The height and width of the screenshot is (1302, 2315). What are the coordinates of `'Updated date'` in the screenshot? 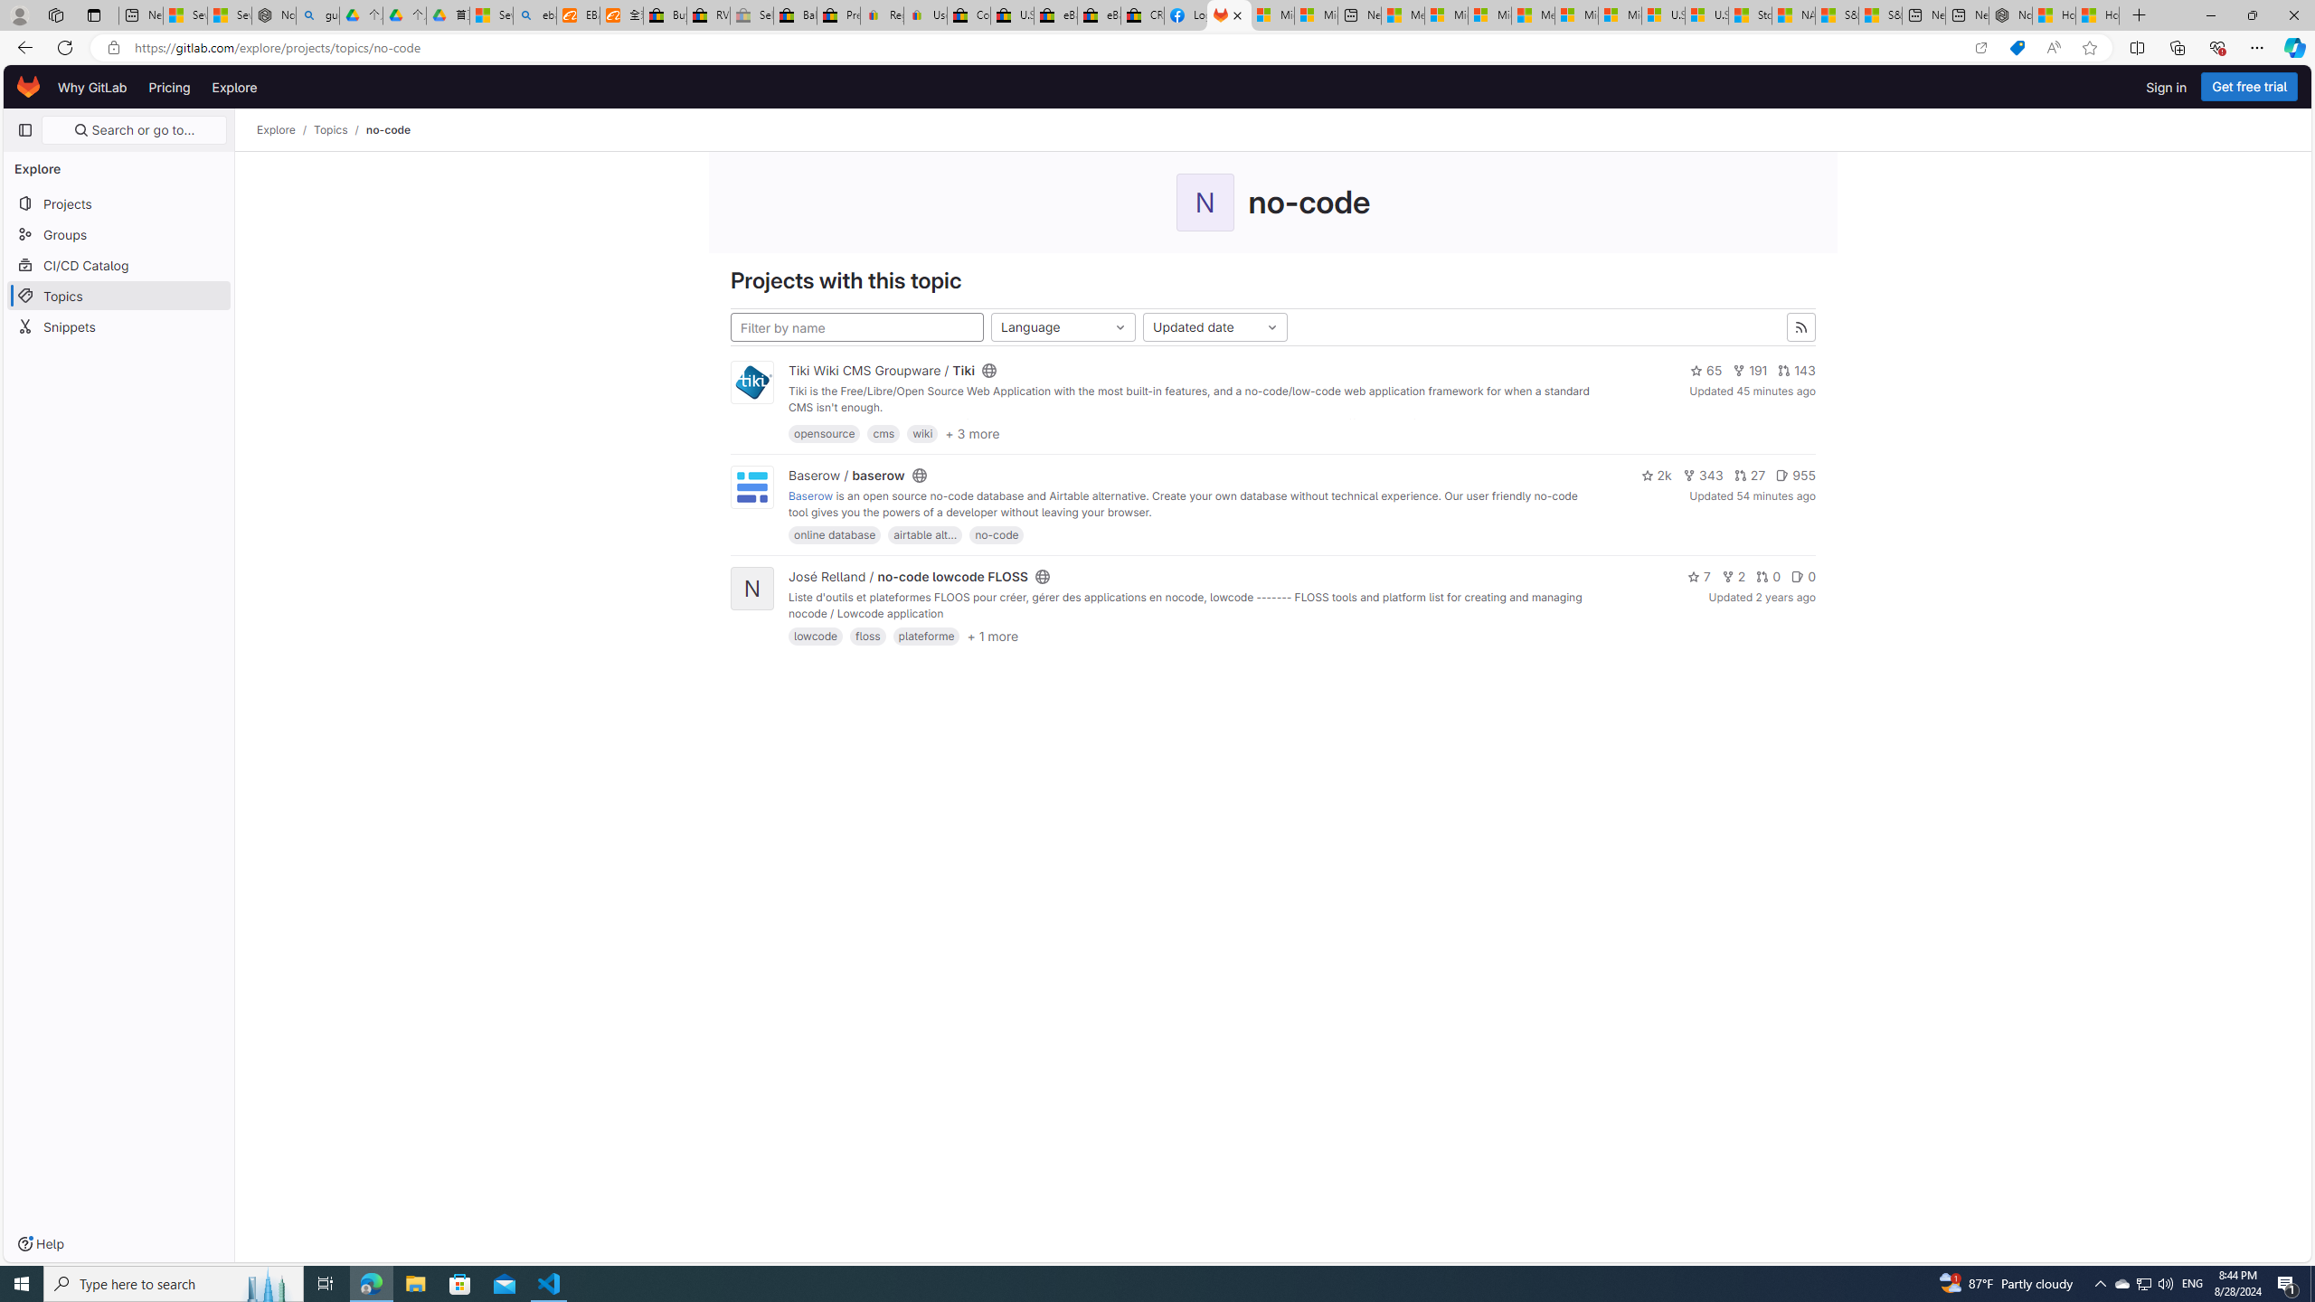 It's located at (1215, 326).